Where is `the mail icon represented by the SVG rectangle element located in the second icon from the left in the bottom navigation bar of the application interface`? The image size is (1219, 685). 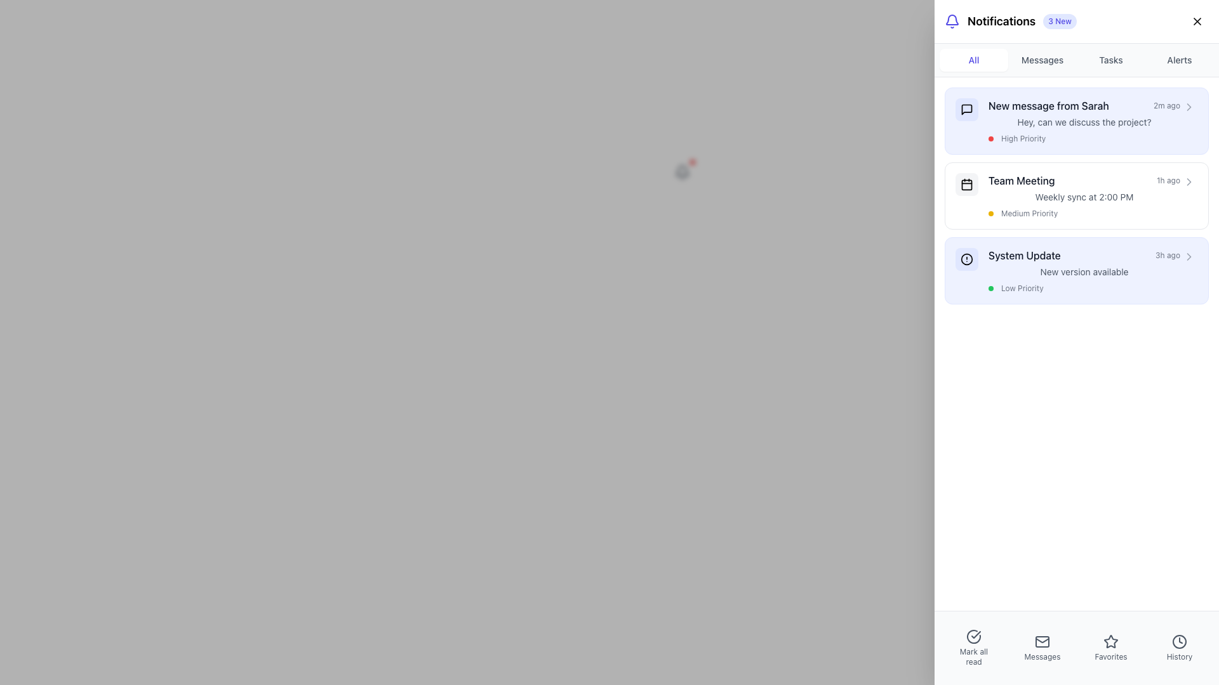 the mail icon represented by the SVG rectangle element located in the second icon from the left in the bottom navigation bar of the application interface is located at coordinates (1042, 641).